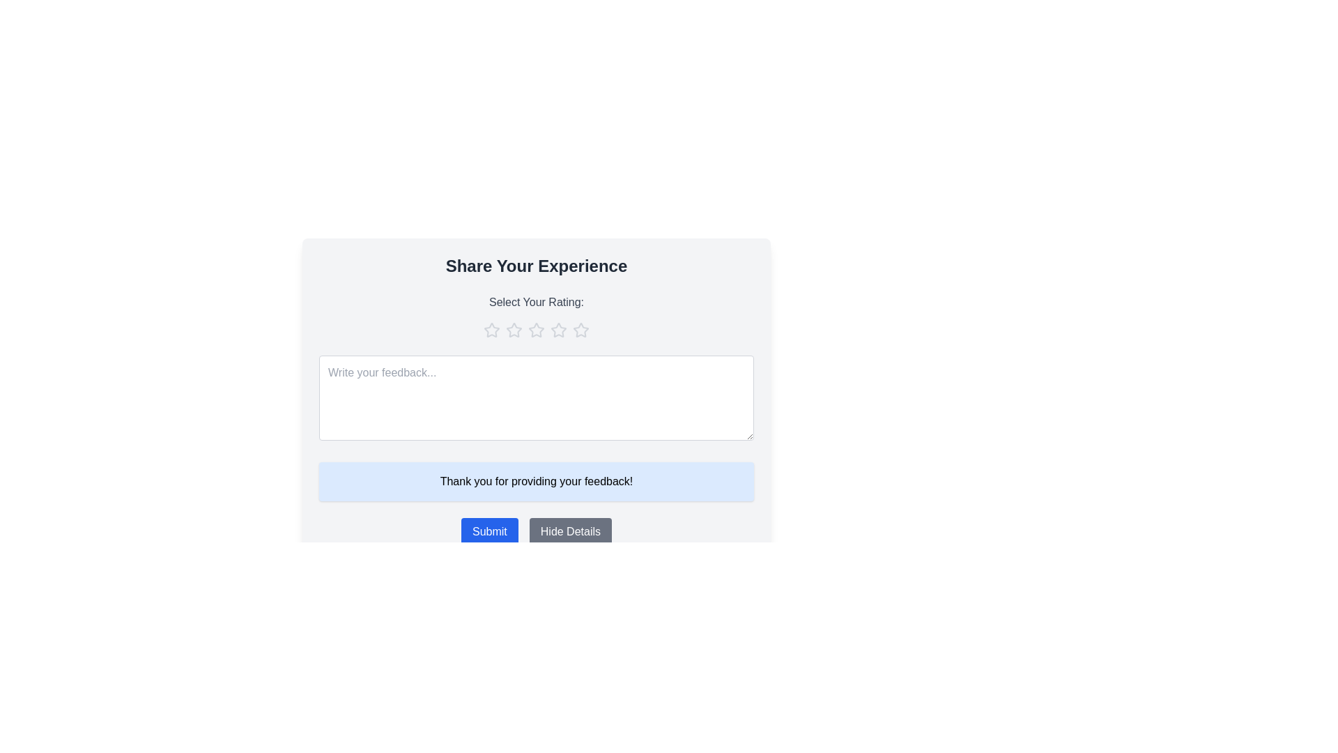 This screenshot has width=1338, height=753. Describe the element at coordinates (558, 330) in the screenshot. I see `the third star in the Star-shaped rating icon sequence` at that location.